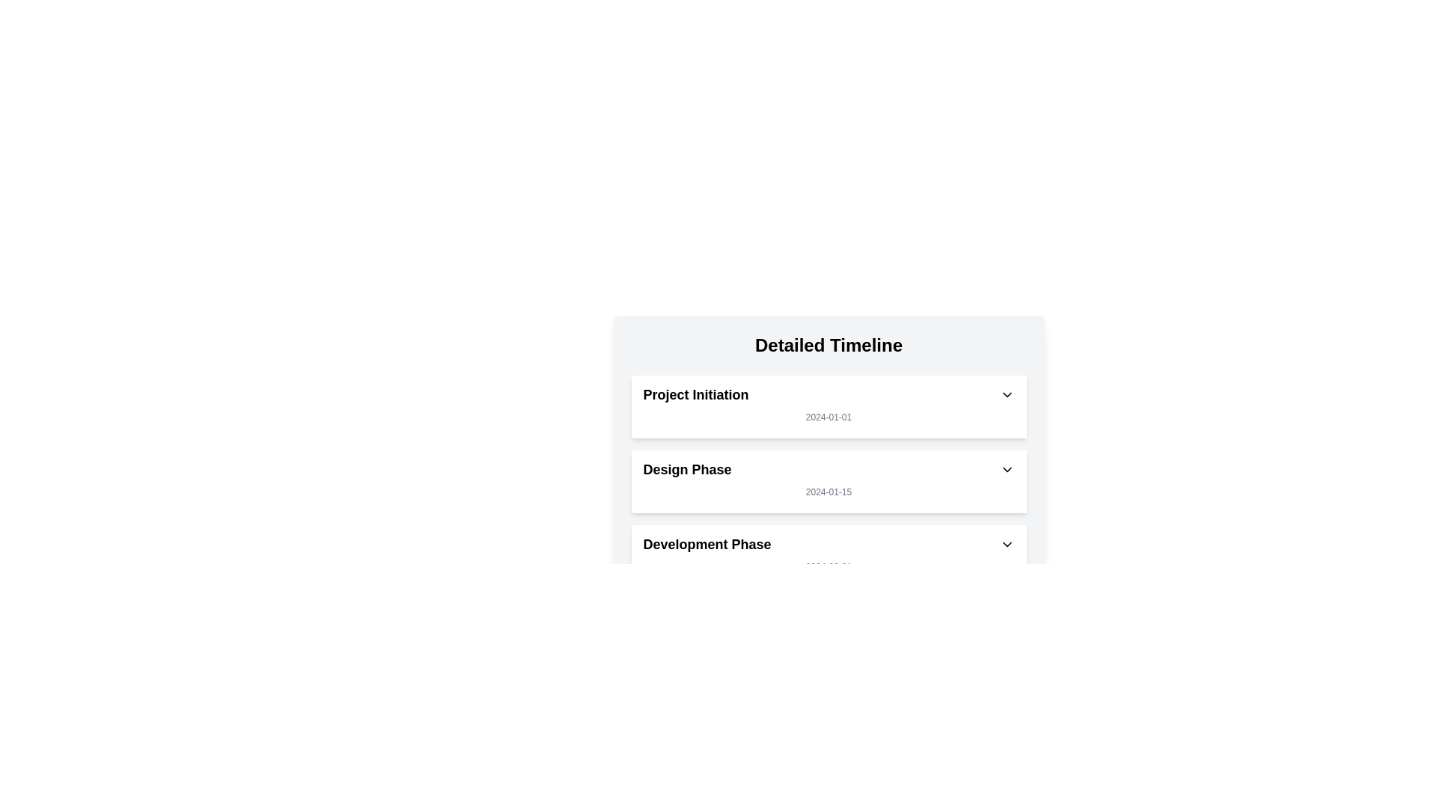  I want to click on the small circular dropdown toggle button with a downward-facing chevron icon located to the right of the 'Development Phase' text, so click(1007, 545).